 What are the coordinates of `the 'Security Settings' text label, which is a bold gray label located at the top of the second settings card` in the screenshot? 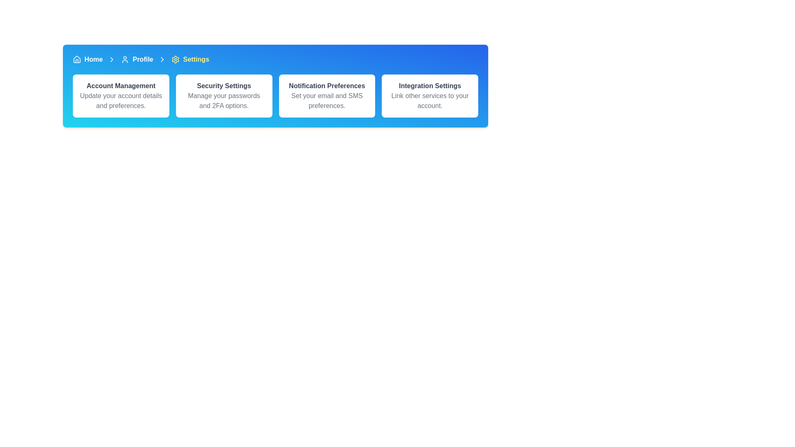 It's located at (224, 86).